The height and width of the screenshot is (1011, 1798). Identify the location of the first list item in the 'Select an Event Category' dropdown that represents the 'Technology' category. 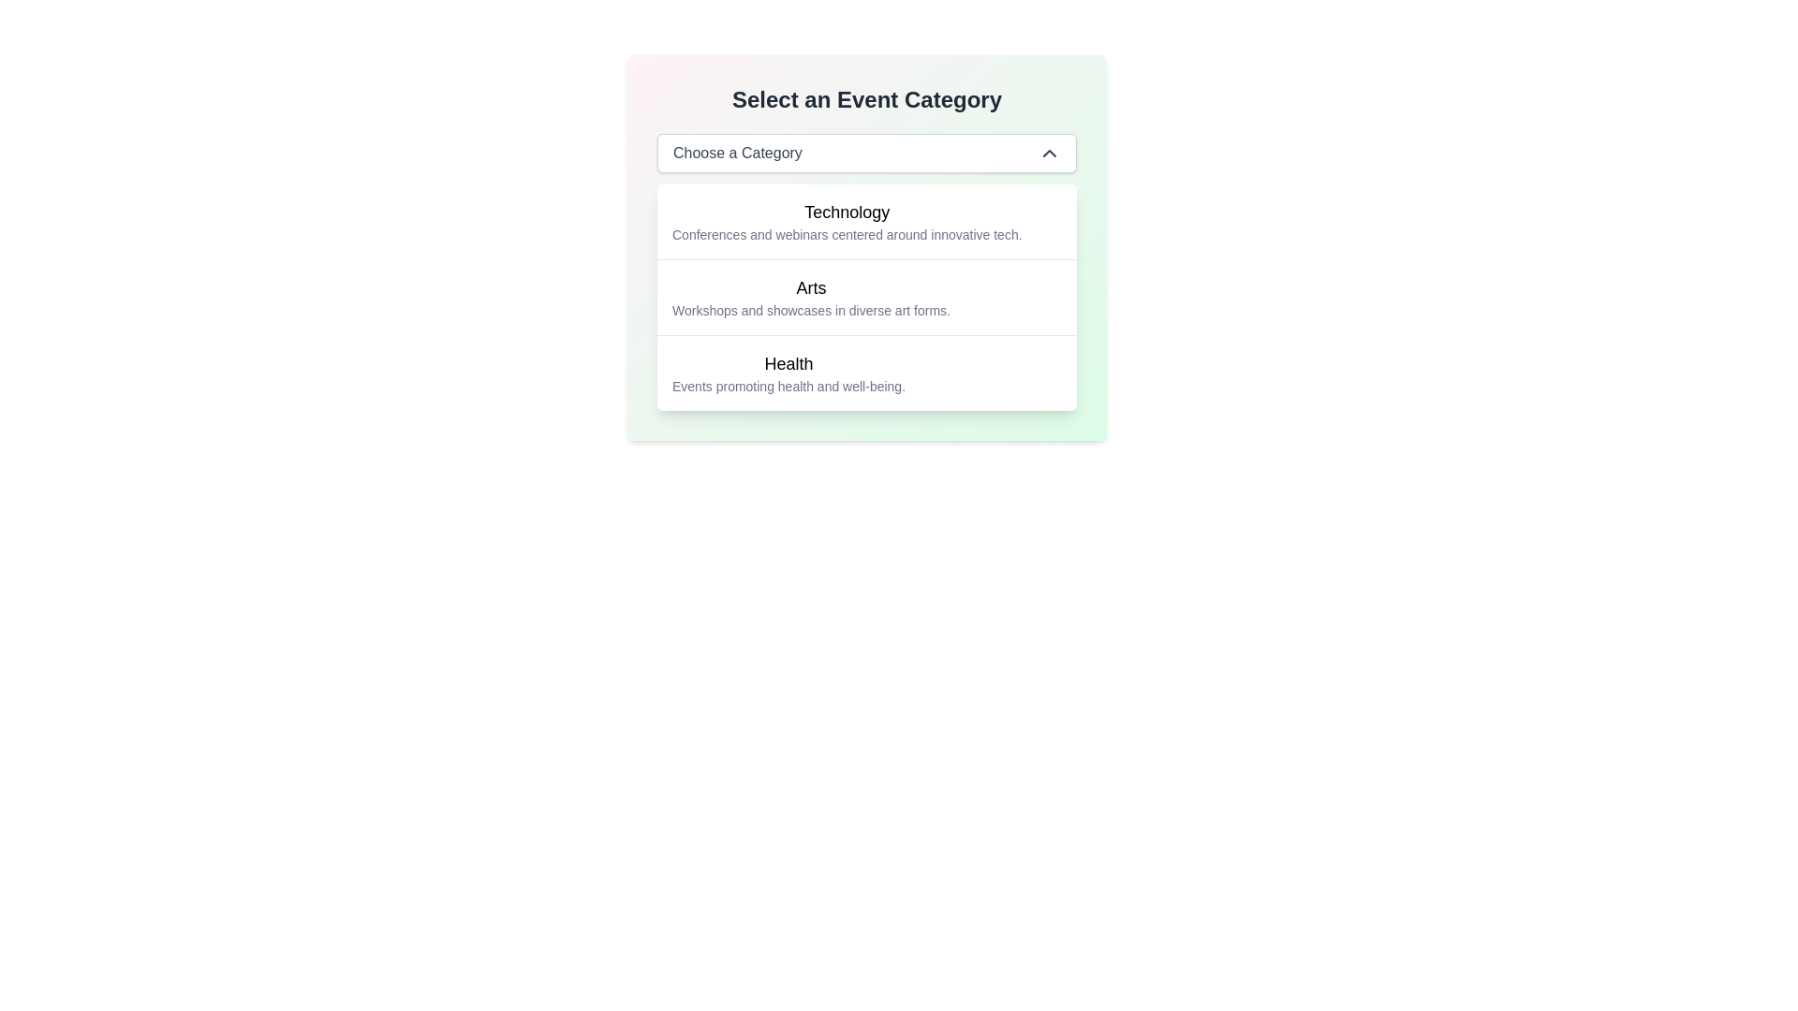
(866, 247).